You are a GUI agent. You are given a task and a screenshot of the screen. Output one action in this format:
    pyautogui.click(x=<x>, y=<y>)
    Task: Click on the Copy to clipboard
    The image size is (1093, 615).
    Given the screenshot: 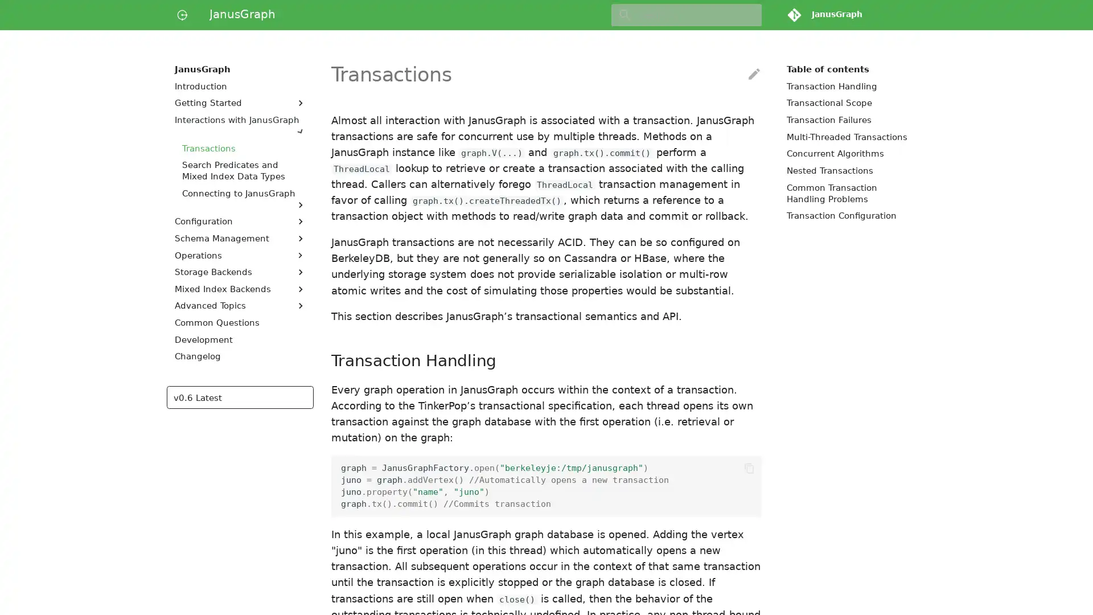 What is the action you would take?
    pyautogui.click(x=749, y=468)
    